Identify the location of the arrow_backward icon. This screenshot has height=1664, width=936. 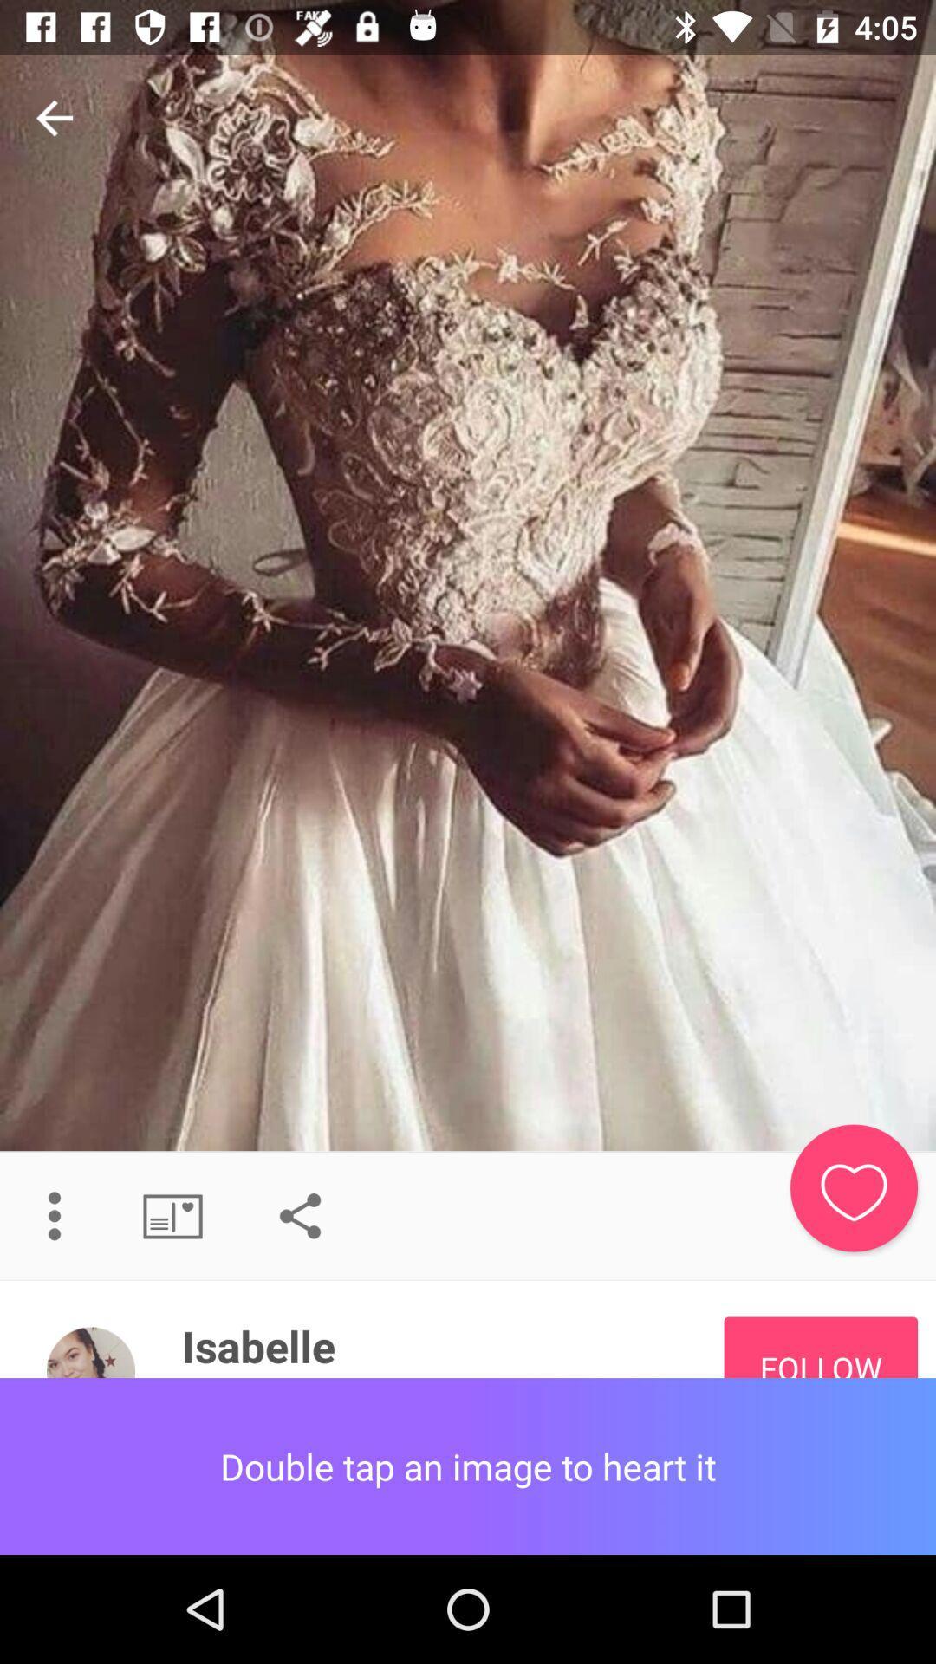
(53, 117).